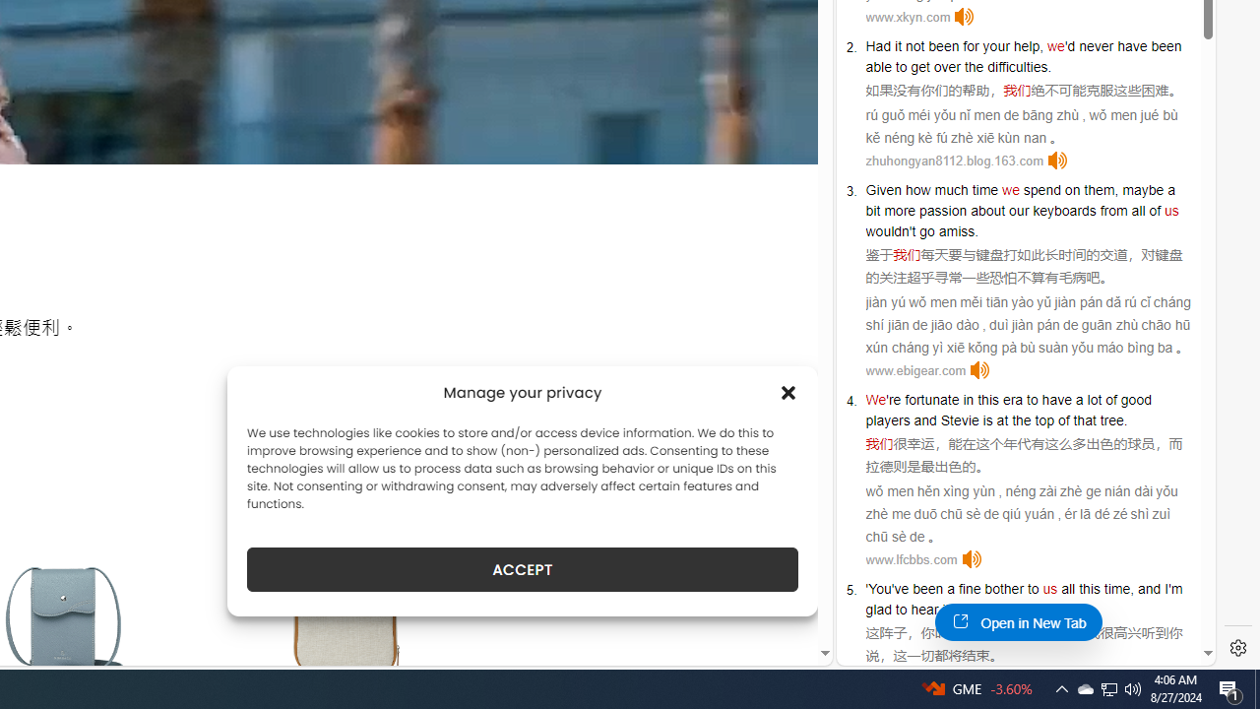  Describe the element at coordinates (523, 569) in the screenshot. I see `'ACCEPT'` at that location.